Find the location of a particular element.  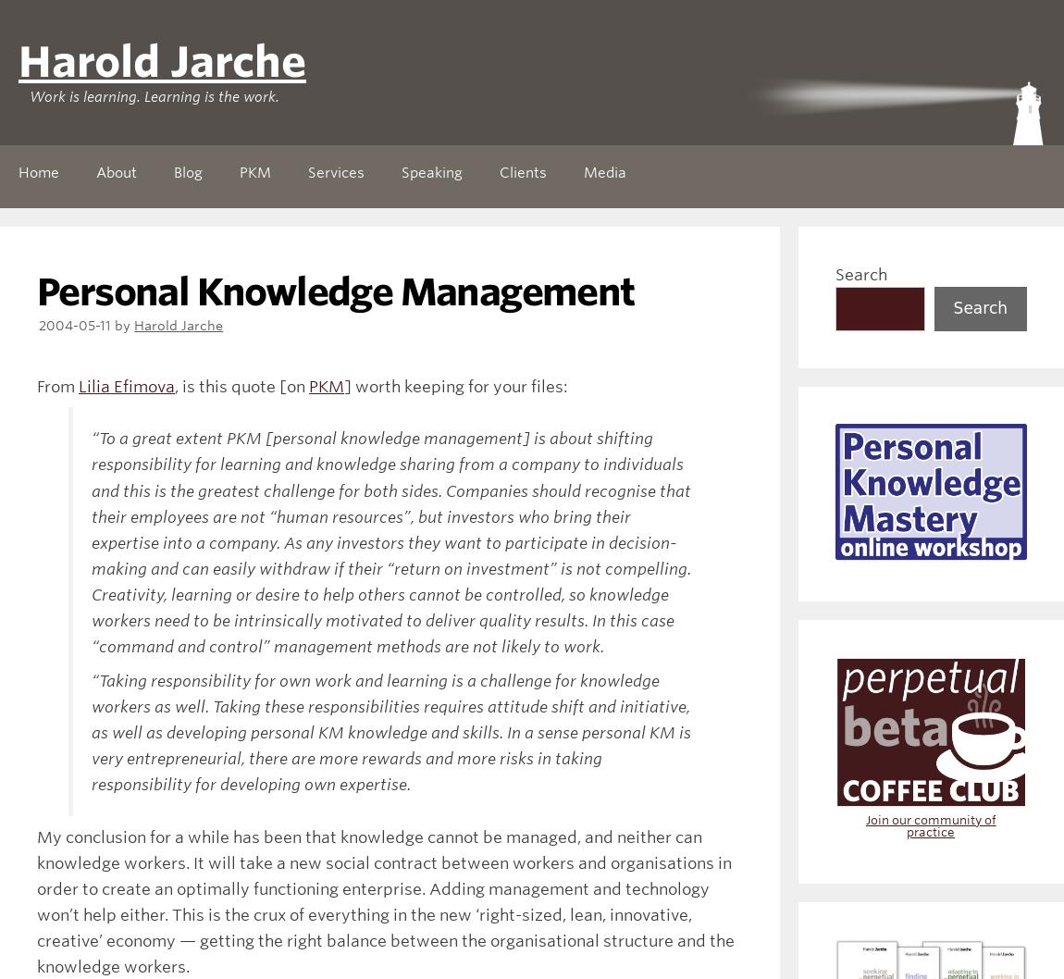

'From' is located at coordinates (56, 387).